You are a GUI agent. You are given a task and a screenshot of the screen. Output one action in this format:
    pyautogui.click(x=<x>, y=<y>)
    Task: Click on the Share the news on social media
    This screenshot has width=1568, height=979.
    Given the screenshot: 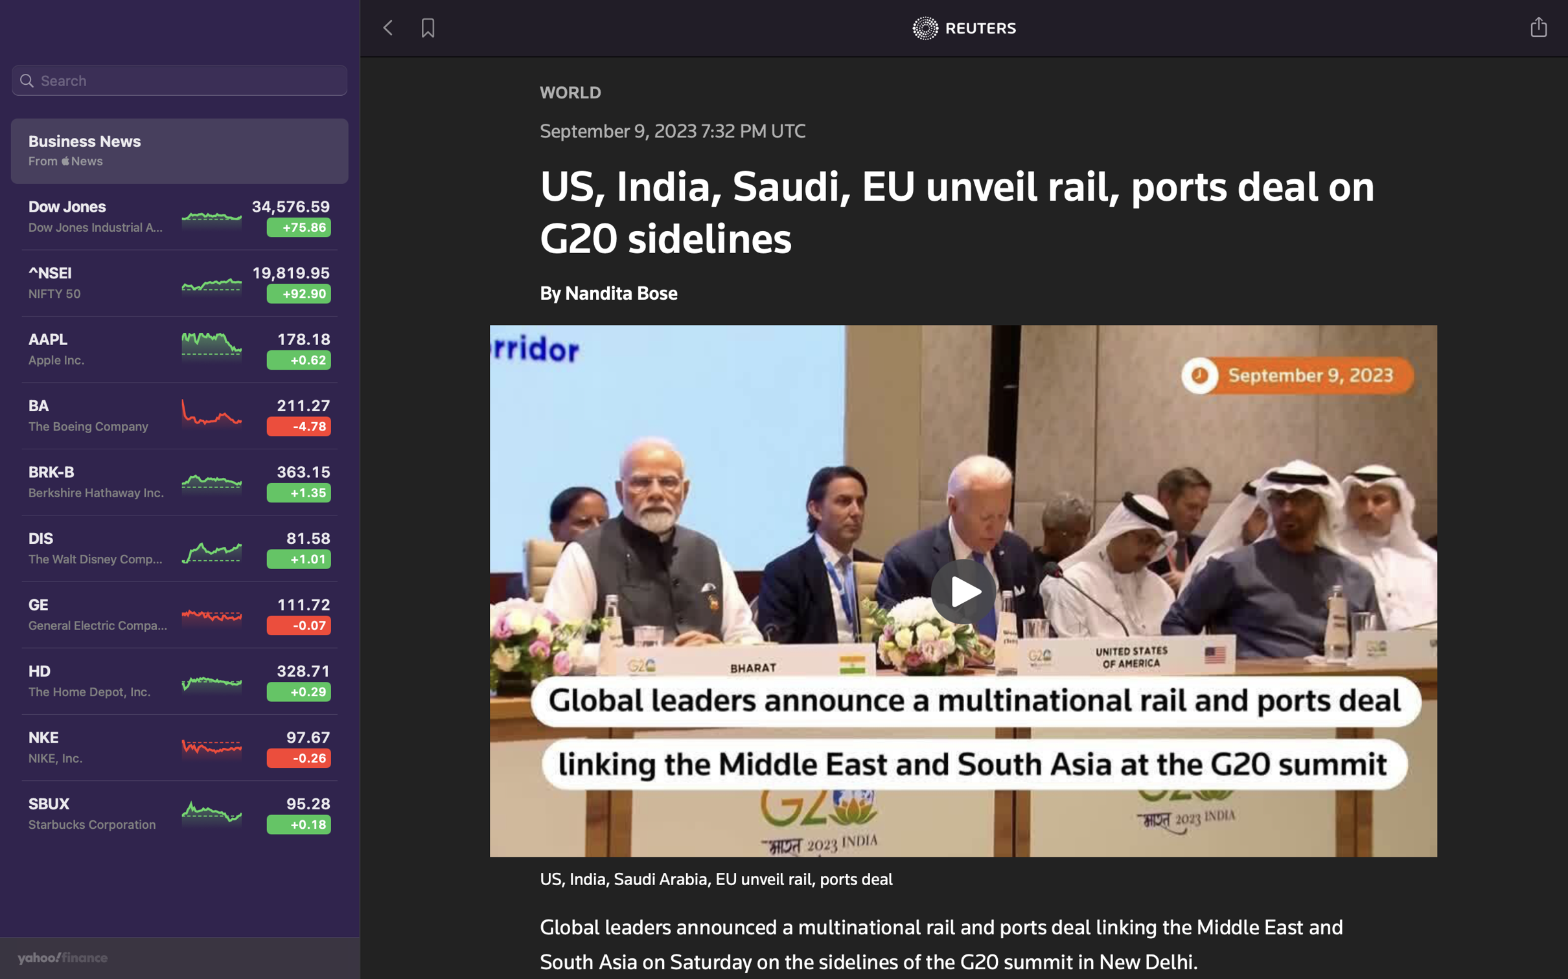 What is the action you would take?
    pyautogui.click(x=1539, y=25)
    